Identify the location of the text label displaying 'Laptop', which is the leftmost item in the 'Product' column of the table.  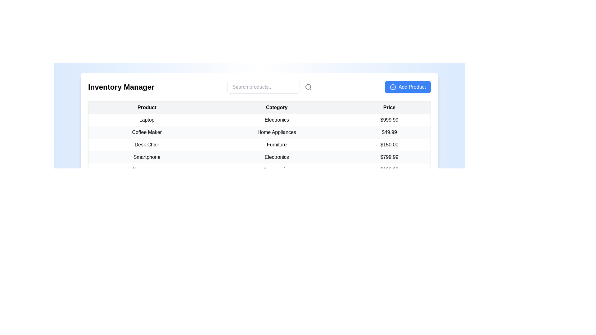
(147, 120).